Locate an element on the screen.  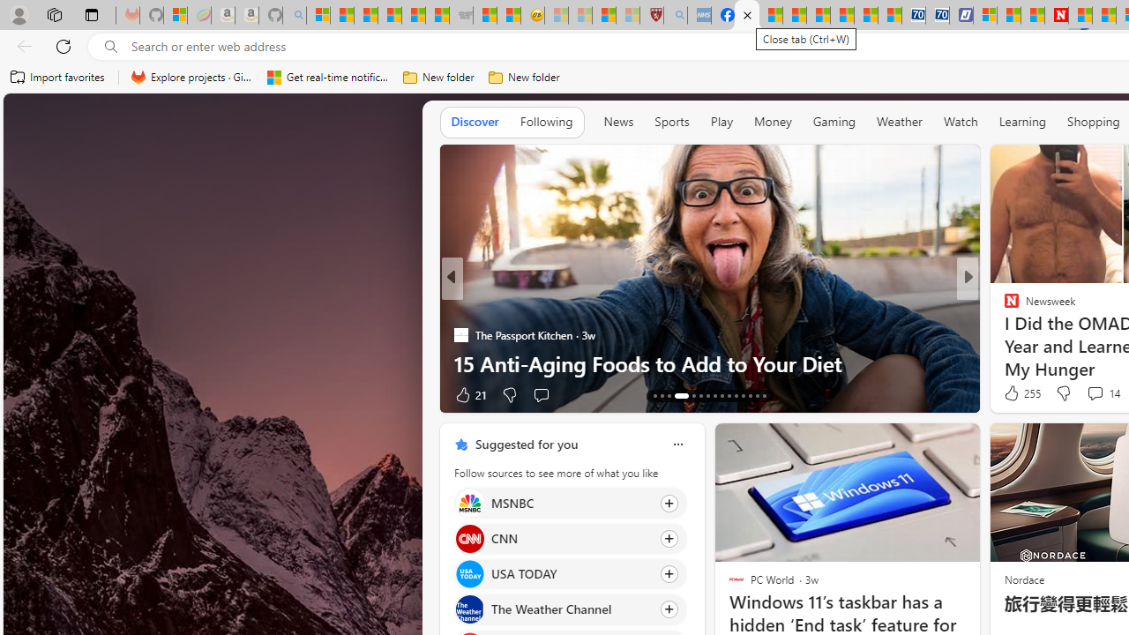
'12 Popular Science Lies that Must be Corrected - Sleeping' is located at coordinates (627, 15).